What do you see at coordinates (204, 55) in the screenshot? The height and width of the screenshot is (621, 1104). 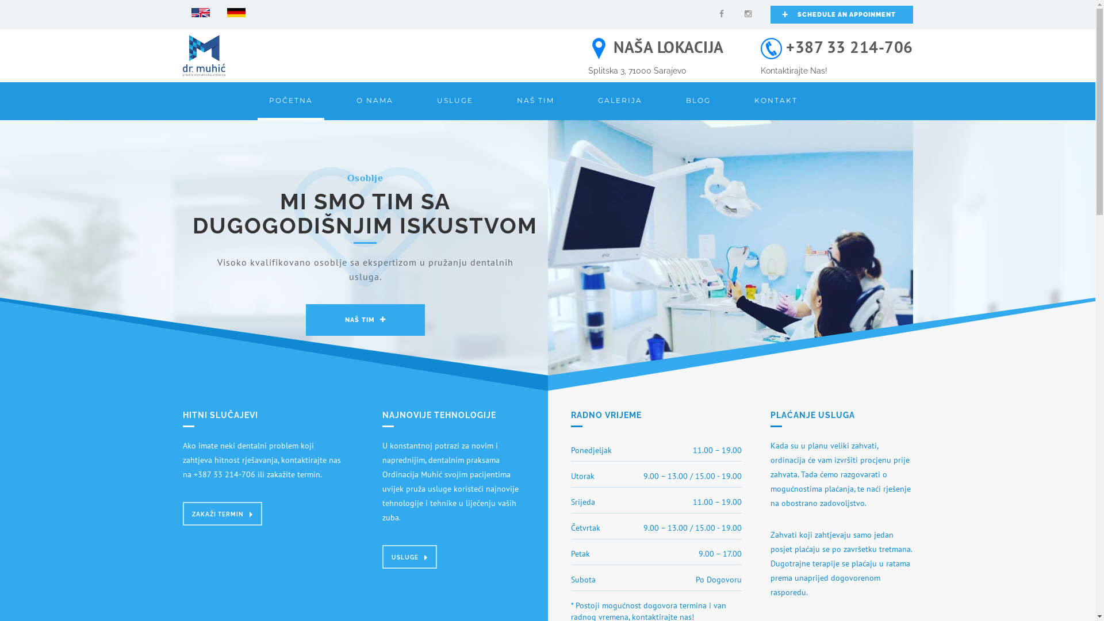 I see `'Logo'` at bounding box center [204, 55].